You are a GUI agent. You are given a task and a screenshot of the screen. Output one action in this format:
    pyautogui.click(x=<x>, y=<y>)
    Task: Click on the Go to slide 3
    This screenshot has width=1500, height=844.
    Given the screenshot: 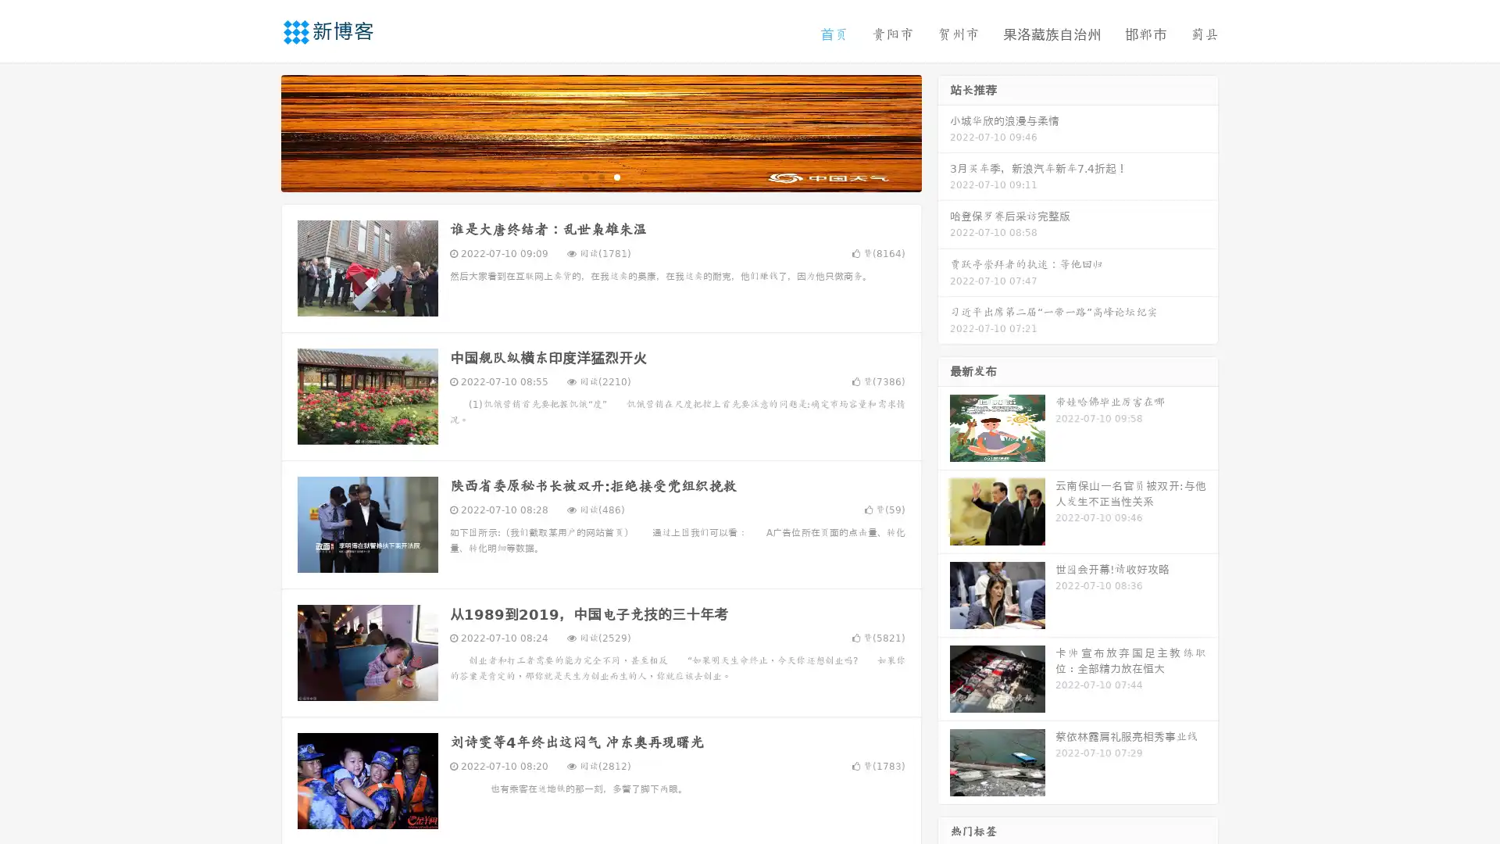 What is the action you would take?
    pyautogui.click(x=616, y=176)
    